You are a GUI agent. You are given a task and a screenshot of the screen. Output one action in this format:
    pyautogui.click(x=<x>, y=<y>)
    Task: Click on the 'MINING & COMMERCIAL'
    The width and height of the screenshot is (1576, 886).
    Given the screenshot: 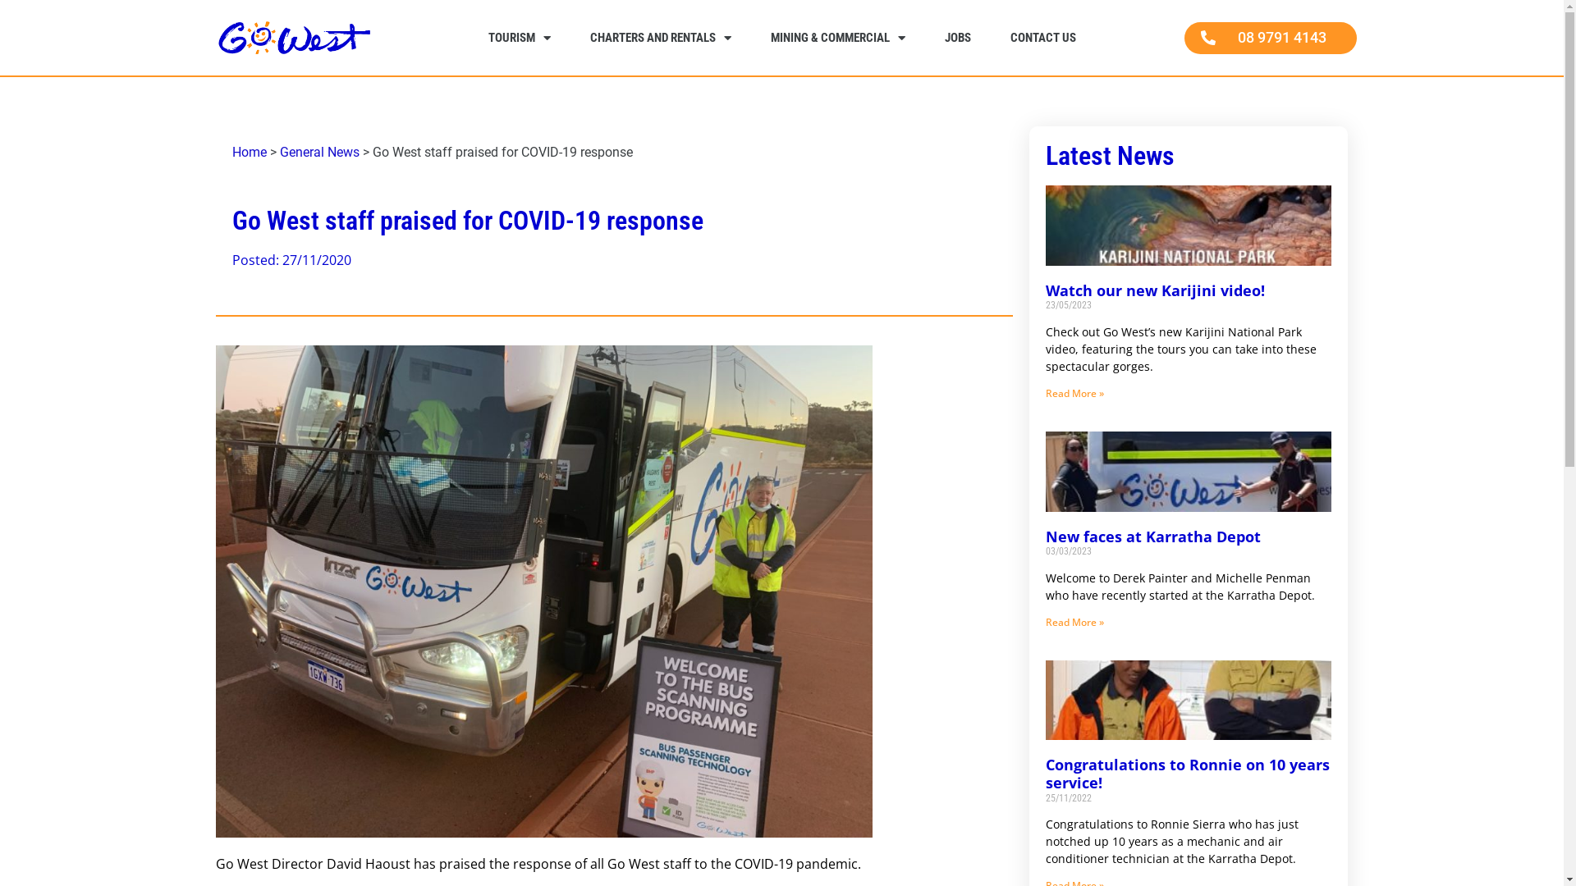 What is the action you would take?
    pyautogui.click(x=836, y=37)
    